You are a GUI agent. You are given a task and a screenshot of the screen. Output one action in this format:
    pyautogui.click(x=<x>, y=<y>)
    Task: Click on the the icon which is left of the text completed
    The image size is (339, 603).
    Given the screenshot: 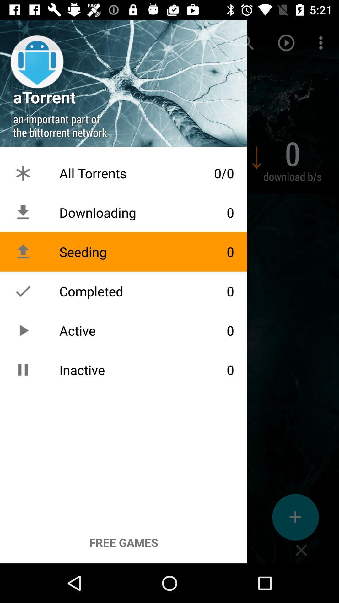 What is the action you would take?
    pyautogui.click(x=23, y=291)
    